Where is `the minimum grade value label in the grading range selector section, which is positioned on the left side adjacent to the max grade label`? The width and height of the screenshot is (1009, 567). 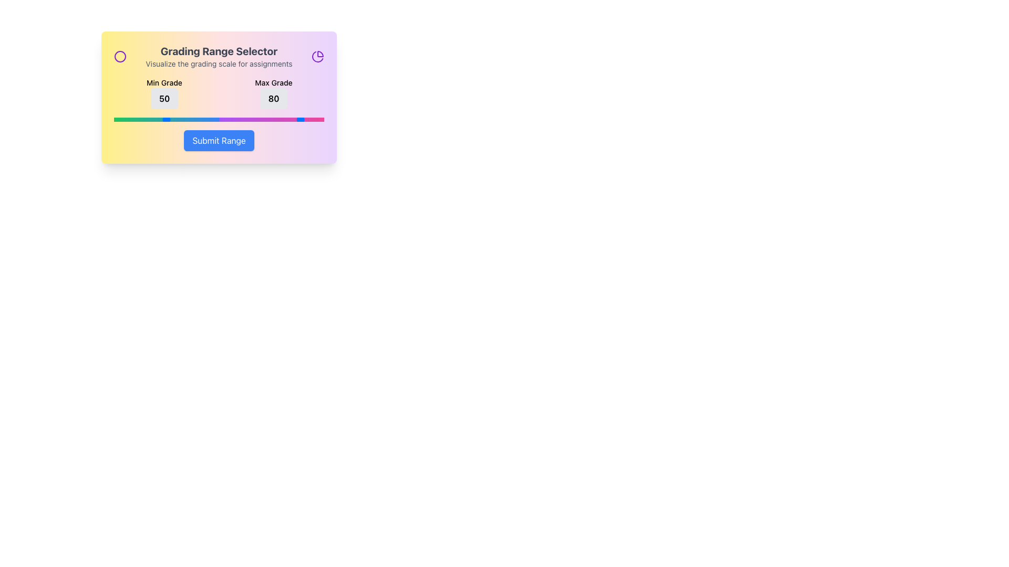
the minimum grade value label in the grading range selector section, which is positioned on the left side adjacent to the max grade label is located at coordinates (163, 92).